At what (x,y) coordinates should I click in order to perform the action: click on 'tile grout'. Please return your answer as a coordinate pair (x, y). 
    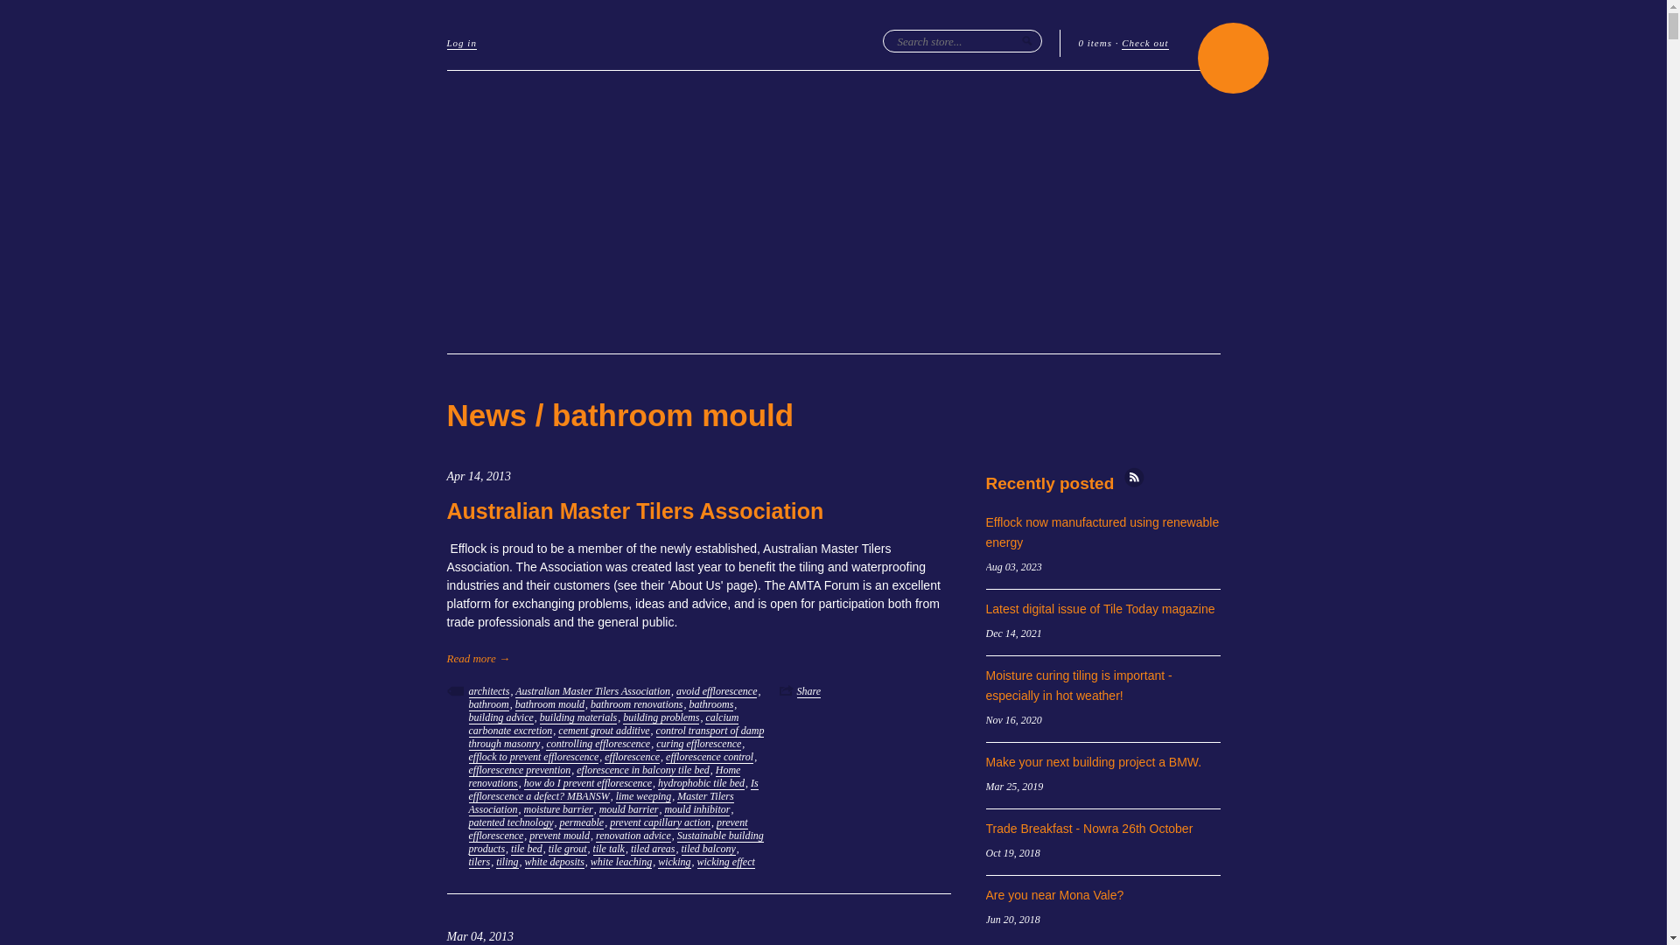
    Looking at the image, I should click on (567, 848).